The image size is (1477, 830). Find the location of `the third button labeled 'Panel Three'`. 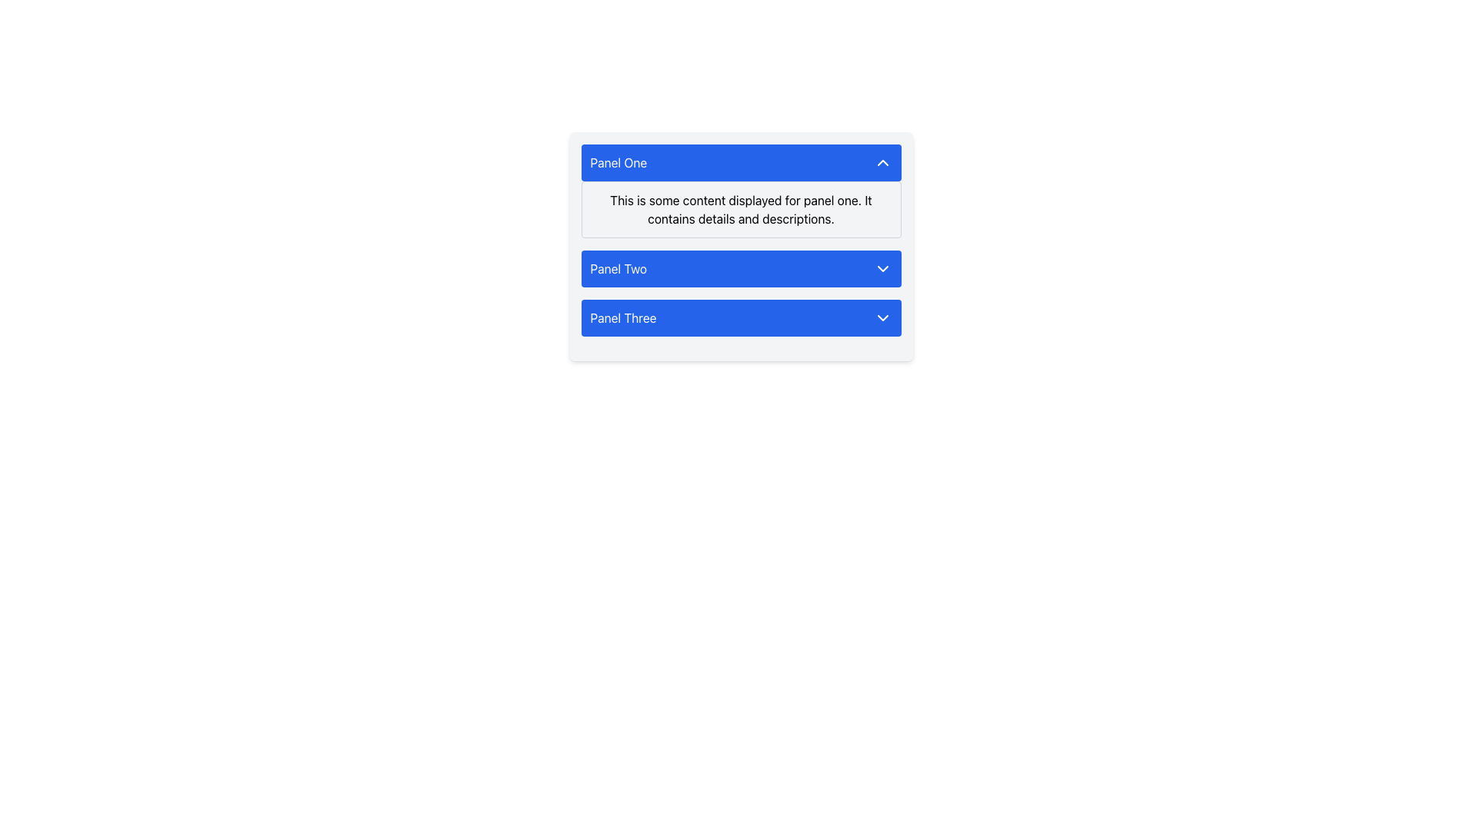

the third button labeled 'Panel Three' is located at coordinates (741, 317).